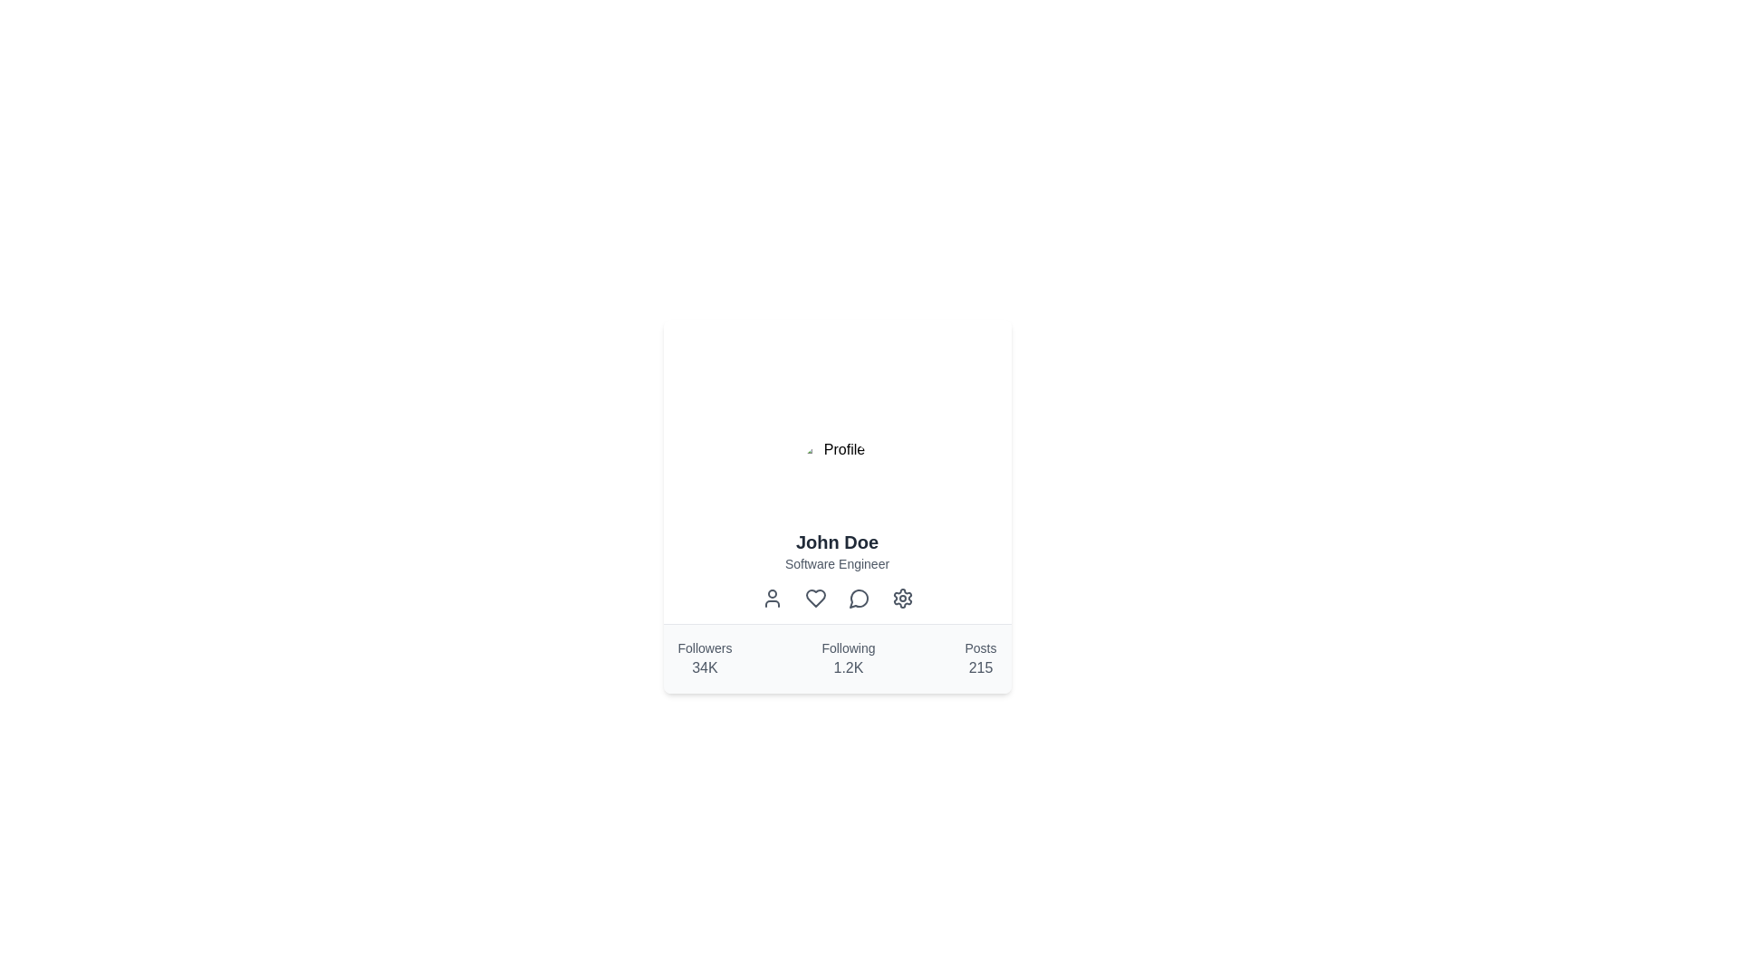  Describe the element at coordinates (847, 659) in the screenshot. I see `the 'Following' text label that displays '1.2K' in a larger, bold font, located in the middle section of a row with 'Followers' on the left and 'Posts' on the right` at that location.